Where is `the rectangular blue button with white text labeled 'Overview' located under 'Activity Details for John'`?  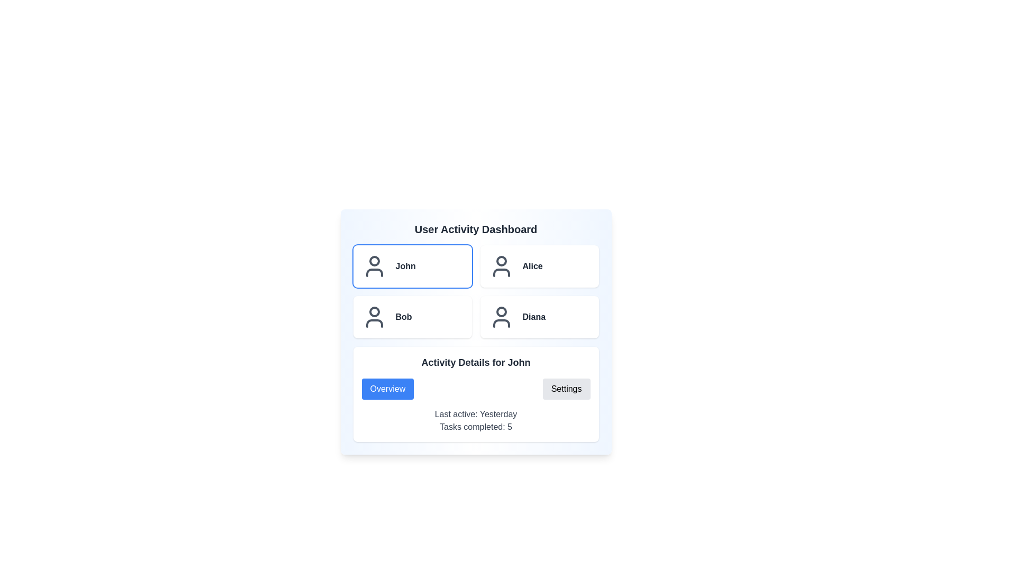
the rectangular blue button with white text labeled 'Overview' located under 'Activity Details for John' is located at coordinates (387, 389).